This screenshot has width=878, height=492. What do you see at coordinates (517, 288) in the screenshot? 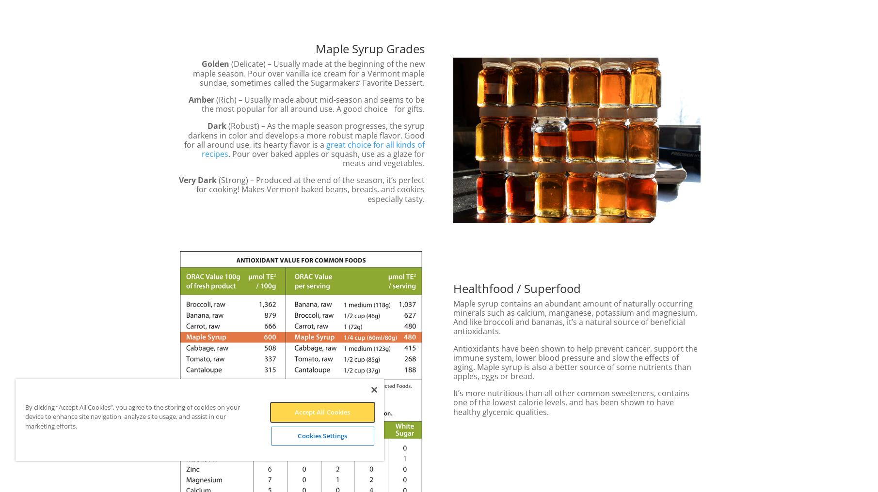
I see `'Healthfood / Superfood'` at bounding box center [517, 288].